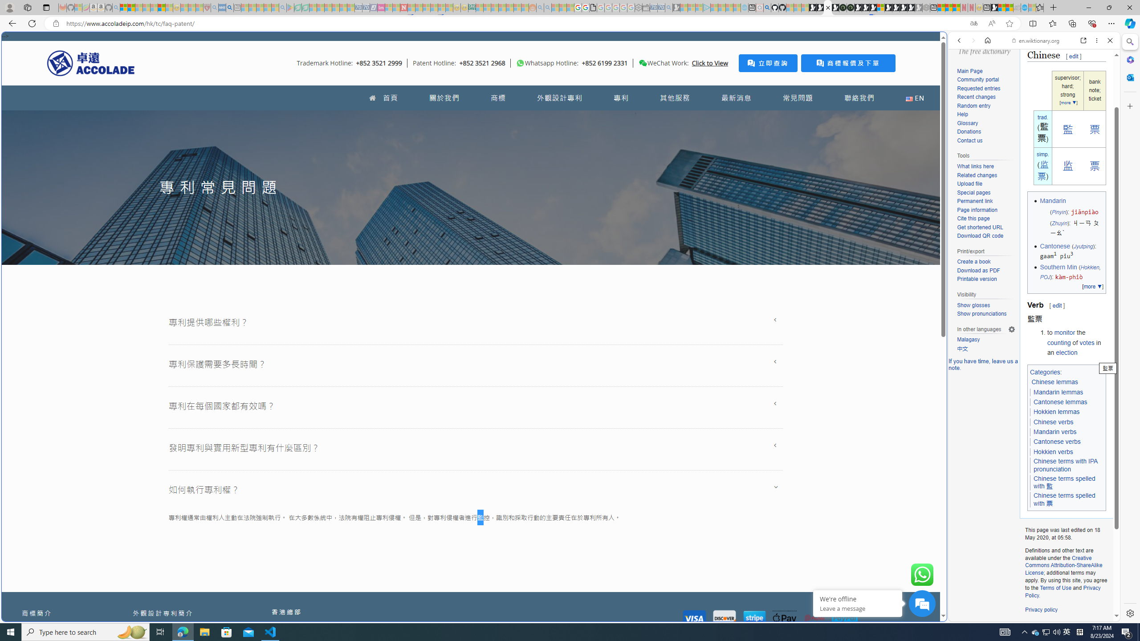  I want to click on 'Chinese terms with IPA pronunciation', so click(1065, 465).